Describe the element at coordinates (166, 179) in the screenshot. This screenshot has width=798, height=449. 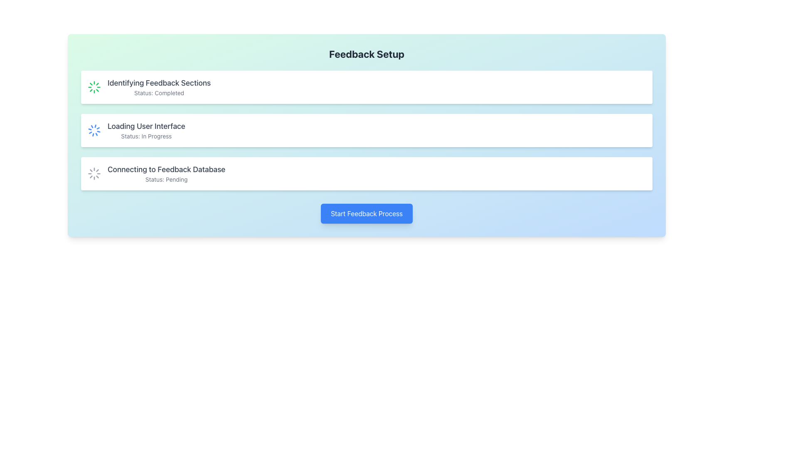
I see `the text label that reads 'Status: Pending', located below the heading 'Connecting to Feedback Database' in the third card of the vertical list` at that location.